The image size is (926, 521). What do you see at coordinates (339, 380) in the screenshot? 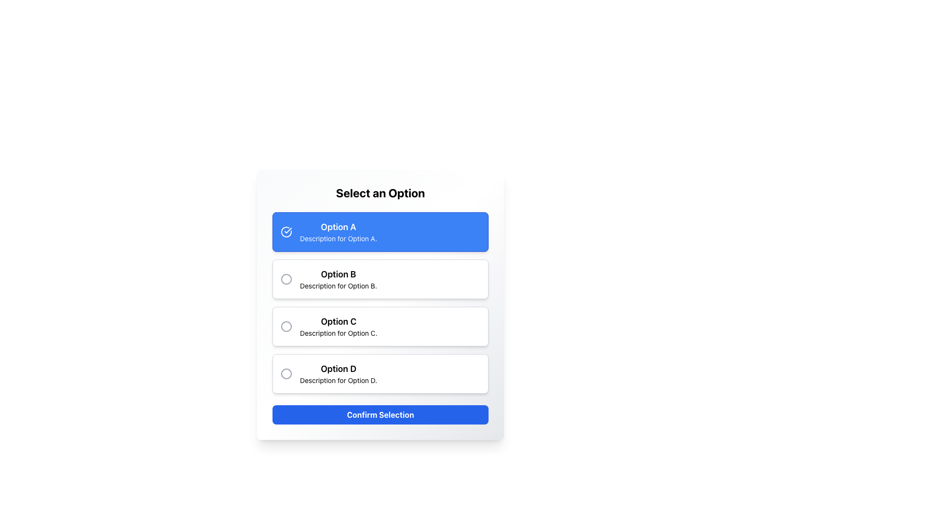
I see `the text label that displays 'Description for Option D.' which is located under the section labeled 'Option D'` at bounding box center [339, 380].